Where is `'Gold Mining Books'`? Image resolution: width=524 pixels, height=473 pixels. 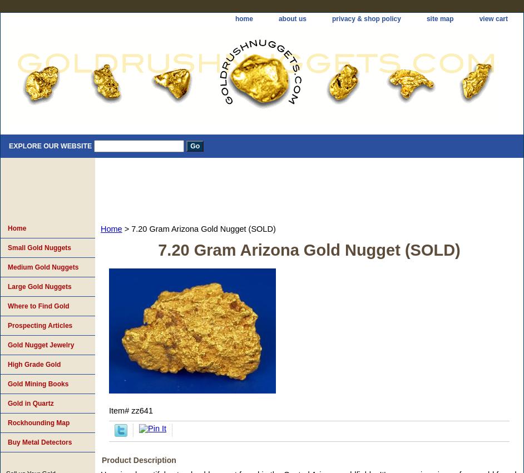 'Gold Mining Books' is located at coordinates (8, 384).